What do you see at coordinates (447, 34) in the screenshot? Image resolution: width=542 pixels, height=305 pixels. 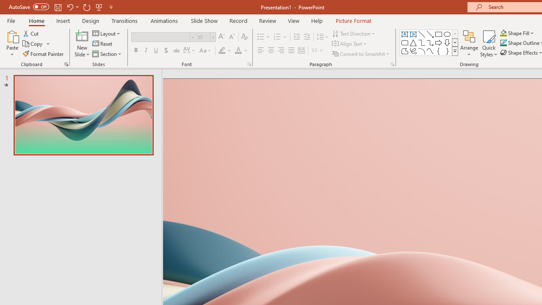 I see `'Oval'` at bounding box center [447, 34].